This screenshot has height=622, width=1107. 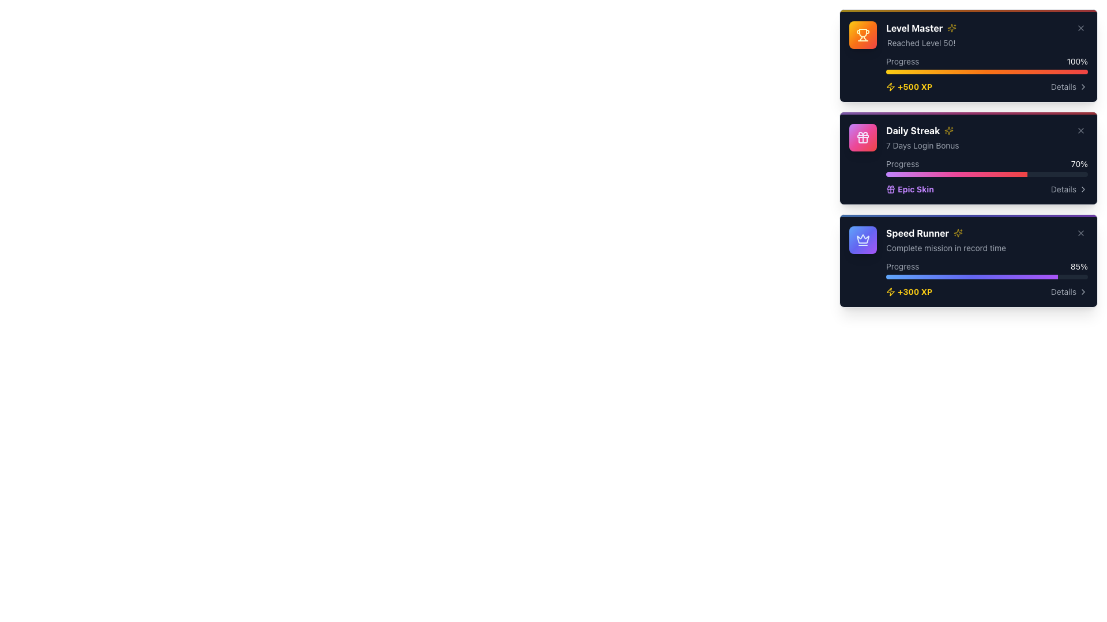 I want to click on the Progress Bar labeled 'Progress' with a completion percentage of '100%' located within the 'Level Master' card, so click(x=986, y=65).